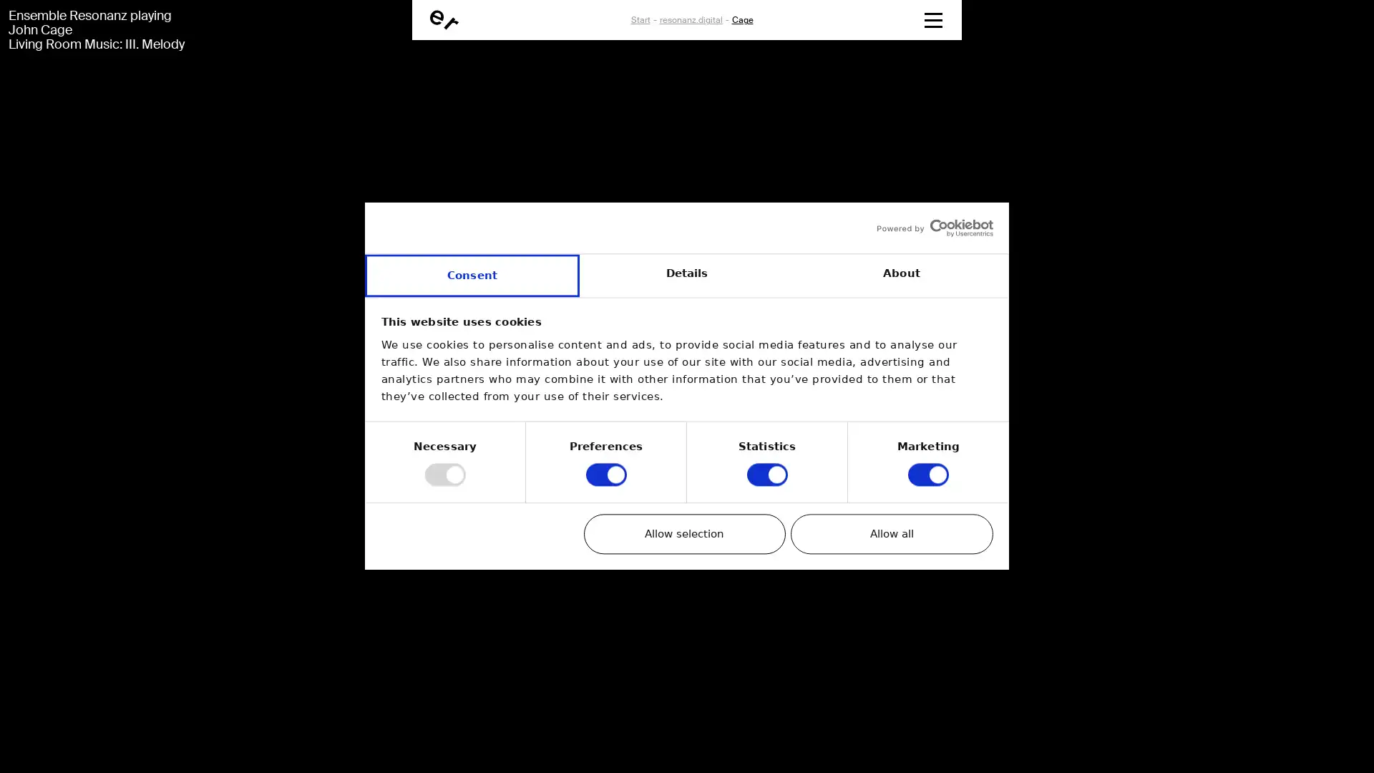 The width and height of the screenshot is (1374, 773). Describe the element at coordinates (695, 756) in the screenshot. I see `06` at that location.